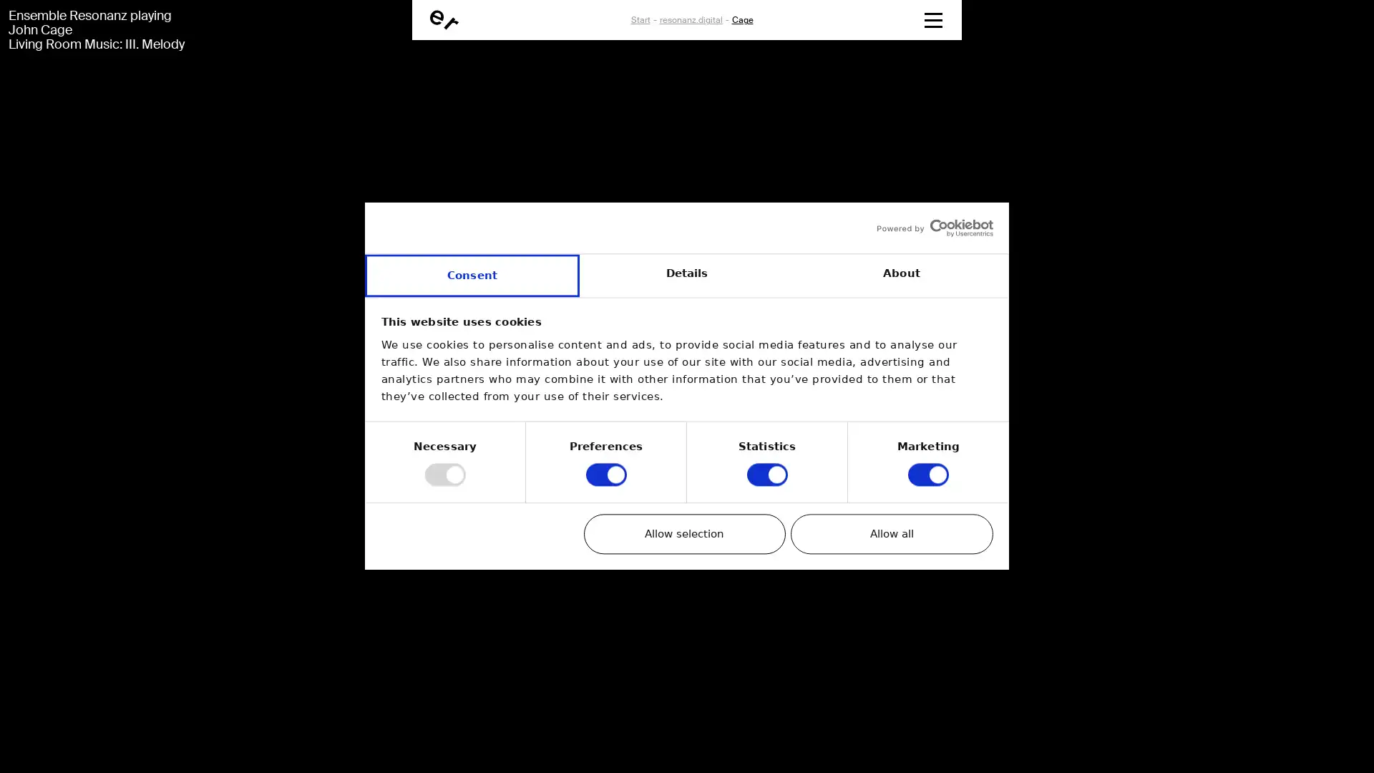 The width and height of the screenshot is (1374, 773). Describe the element at coordinates (695, 756) in the screenshot. I see `06` at that location.